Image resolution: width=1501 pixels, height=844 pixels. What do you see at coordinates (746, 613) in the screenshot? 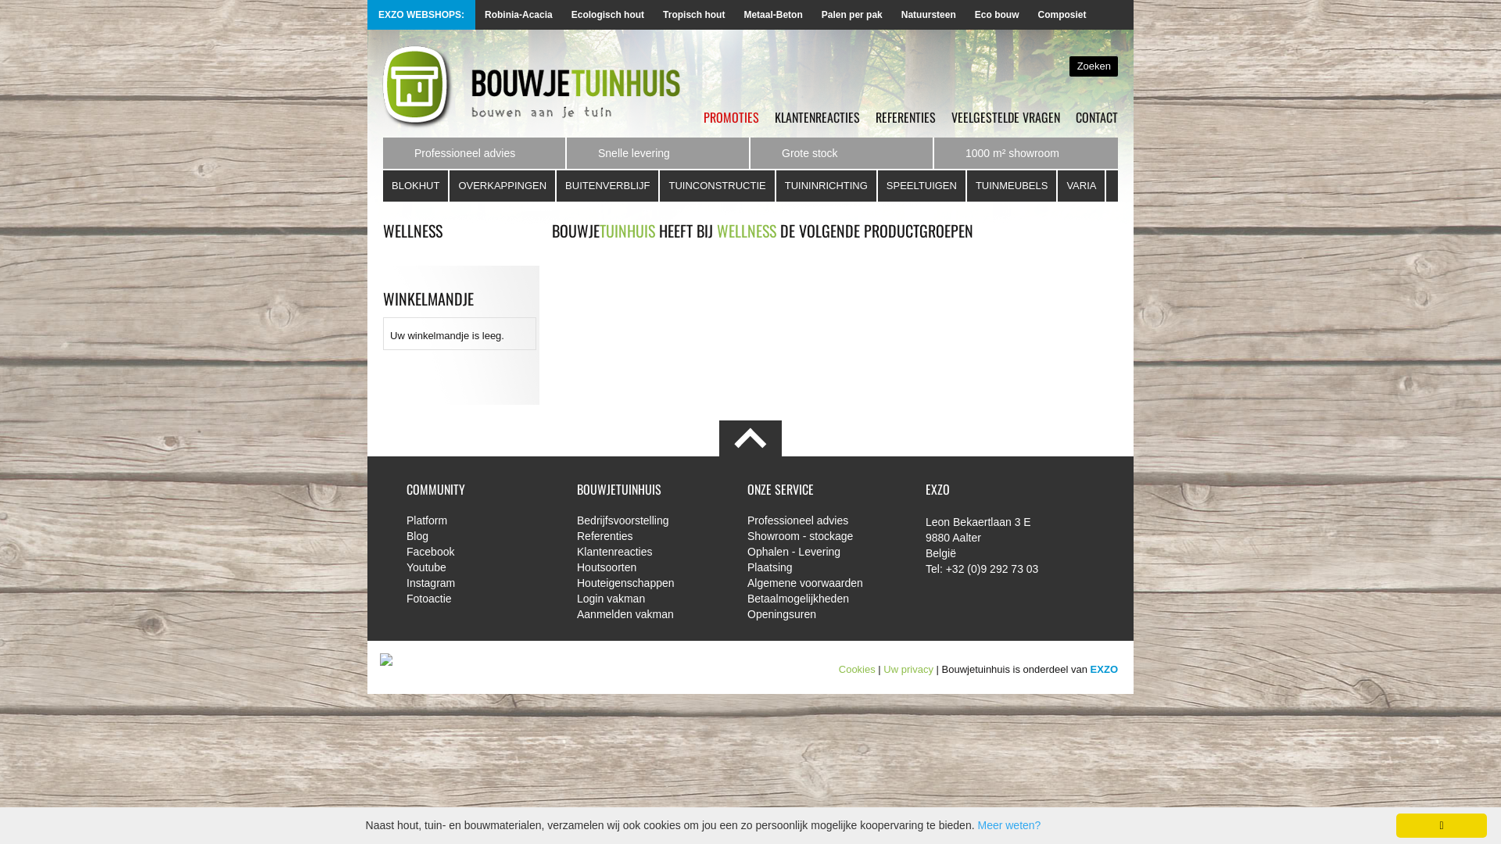
I see `'Openingsuren'` at bounding box center [746, 613].